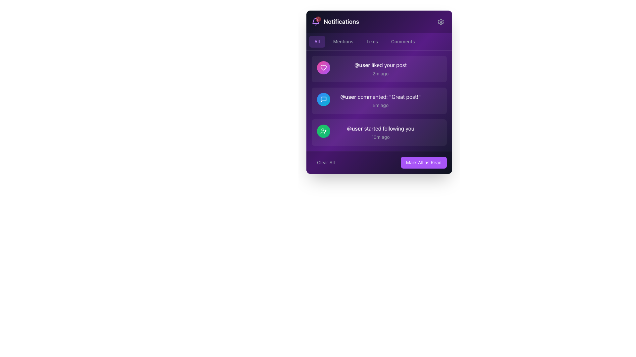 Image resolution: width=636 pixels, height=357 pixels. I want to click on the Notification Indicator bell icon, which shows a count of '3', located in the upper-left corner of the interface, so click(315, 21).